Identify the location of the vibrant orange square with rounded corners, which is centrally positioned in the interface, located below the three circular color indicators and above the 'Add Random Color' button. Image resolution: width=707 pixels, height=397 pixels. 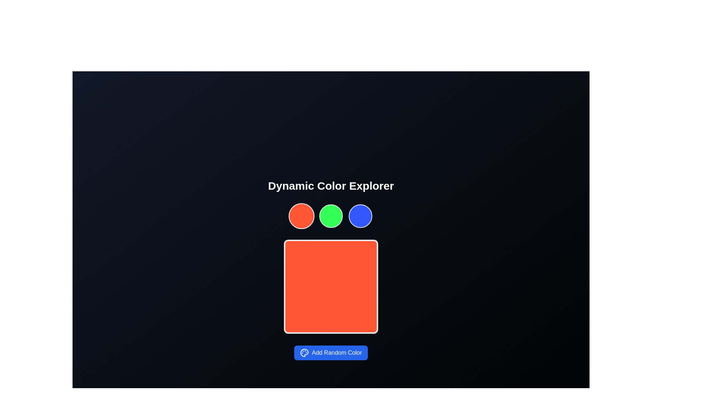
(330, 286).